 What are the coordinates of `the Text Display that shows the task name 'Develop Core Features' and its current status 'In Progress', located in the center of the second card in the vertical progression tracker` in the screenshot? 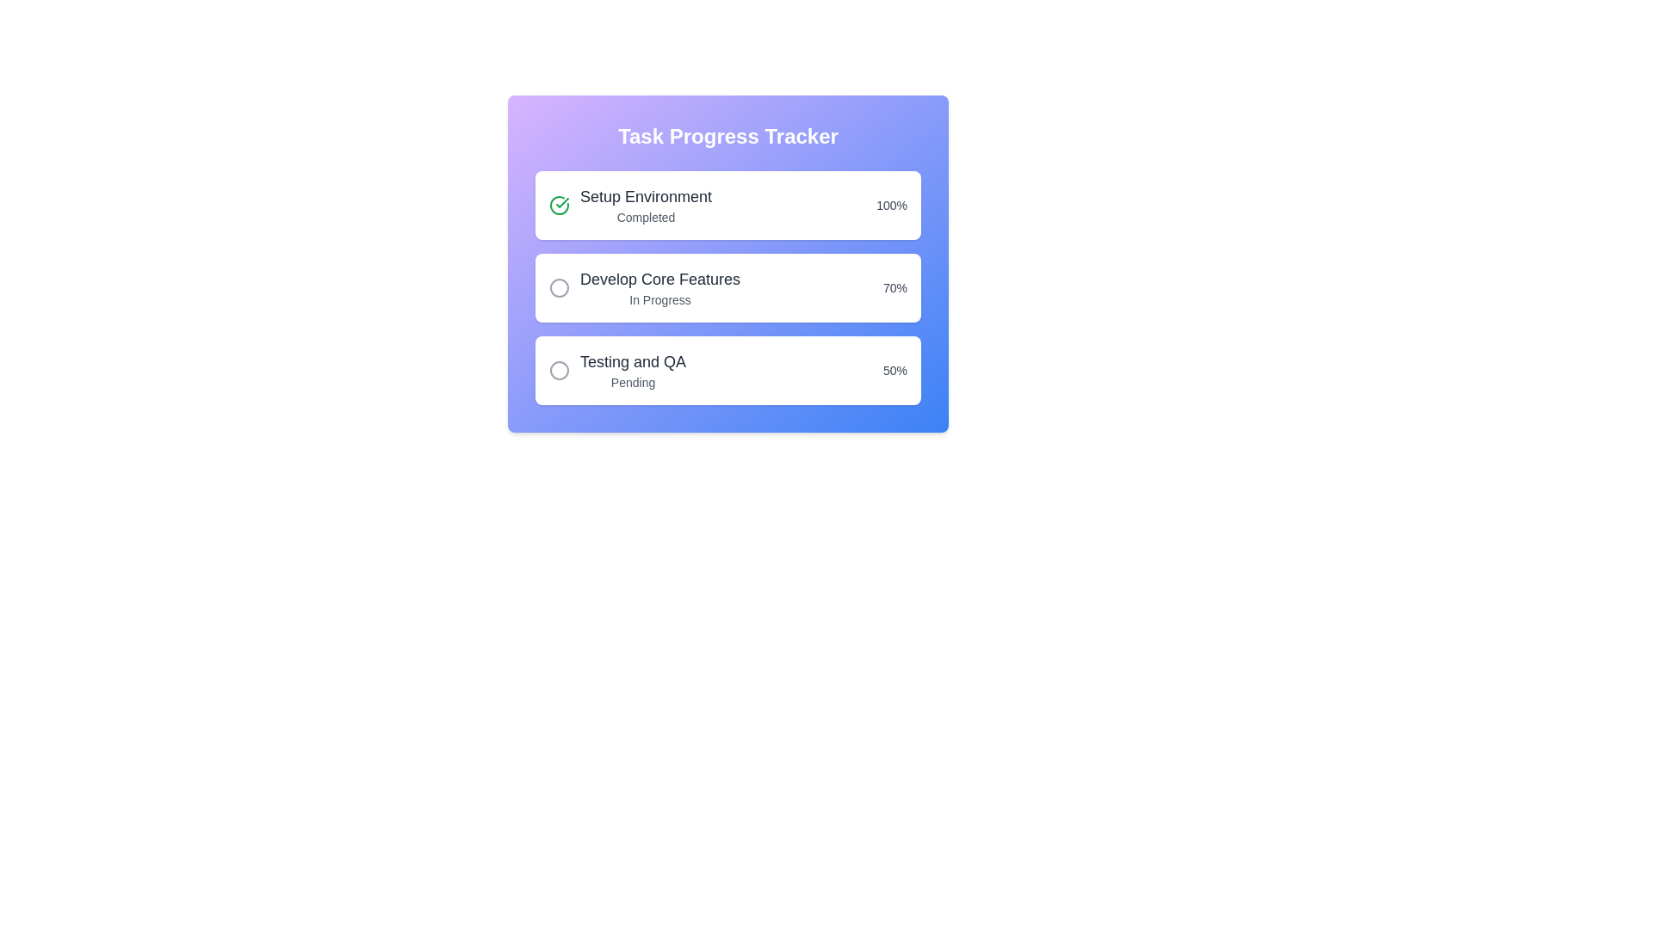 It's located at (659, 287).